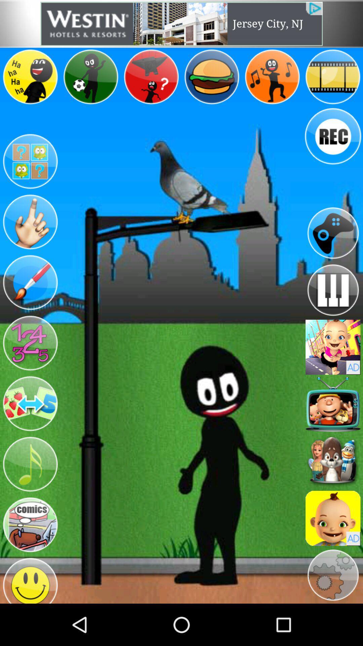 This screenshot has width=363, height=646. What do you see at coordinates (333, 347) in the screenshot?
I see `open advertisement` at bounding box center [333, 347].